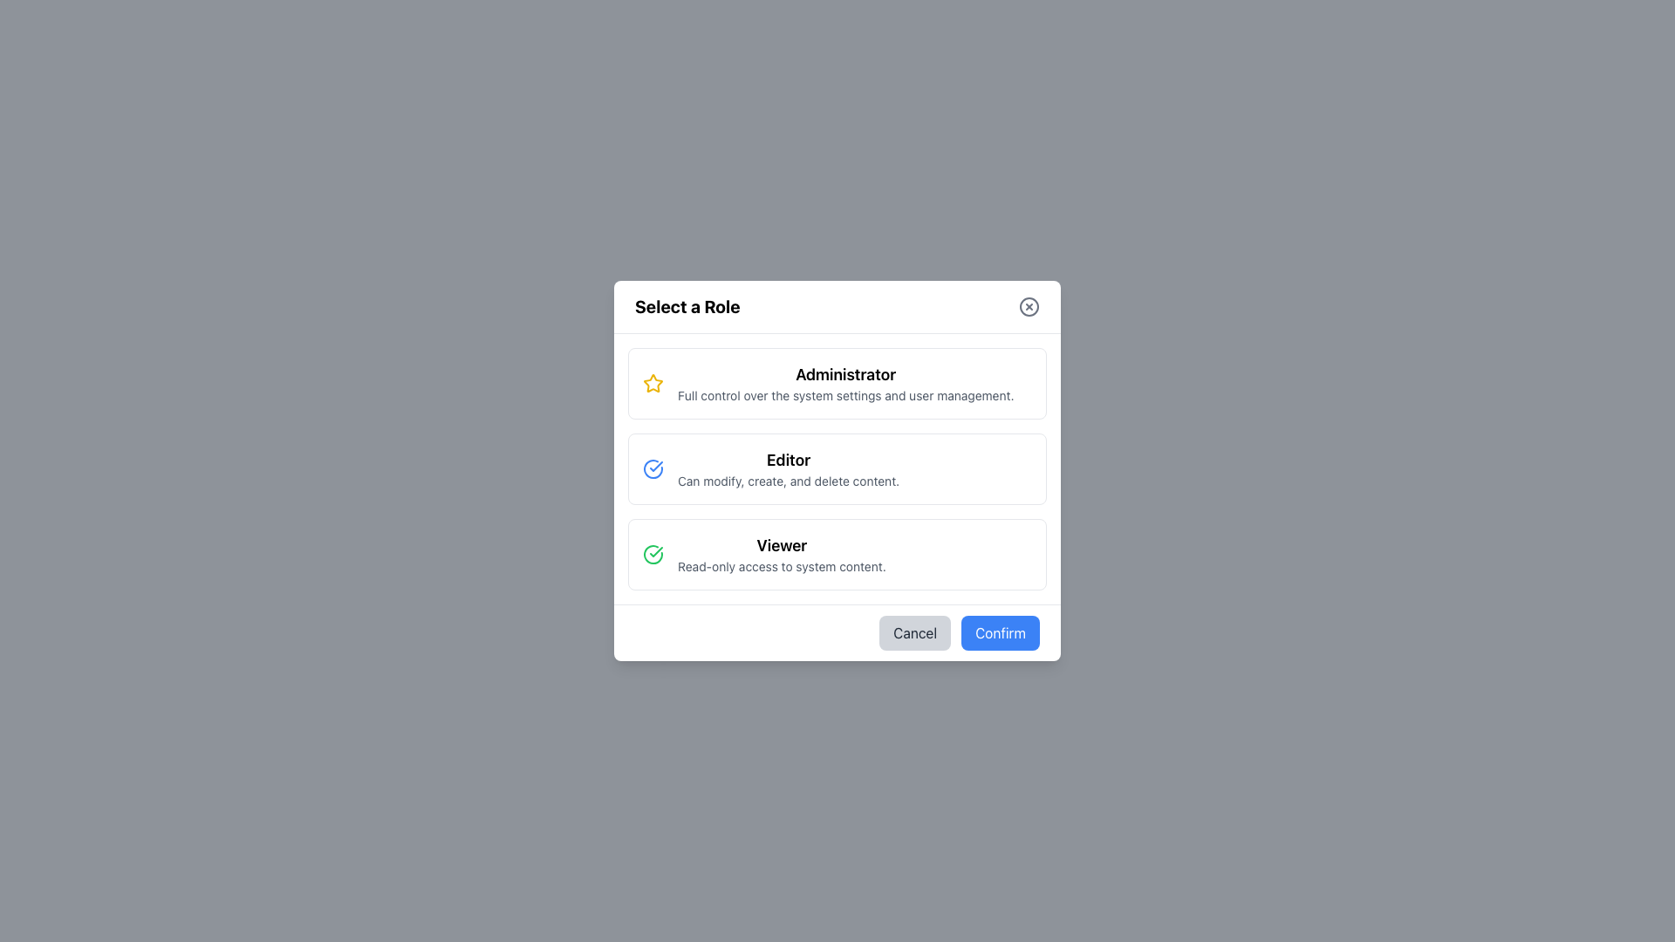  What do you see at coordinates (788, 468) in the screenshot?
I see `description of the 'Editor' role from the second option in the vertically-stacked list of role options in the 'Select a Role' pop-up modal` at bounding box center [788, 468].